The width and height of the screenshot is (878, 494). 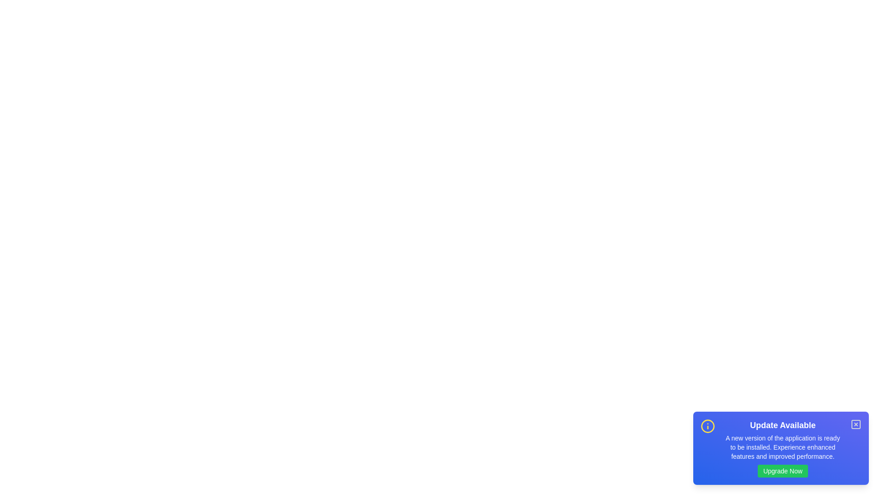 I want to click on 'Upgrade Now' button to initiate the update process, so click(x=782, y=471).